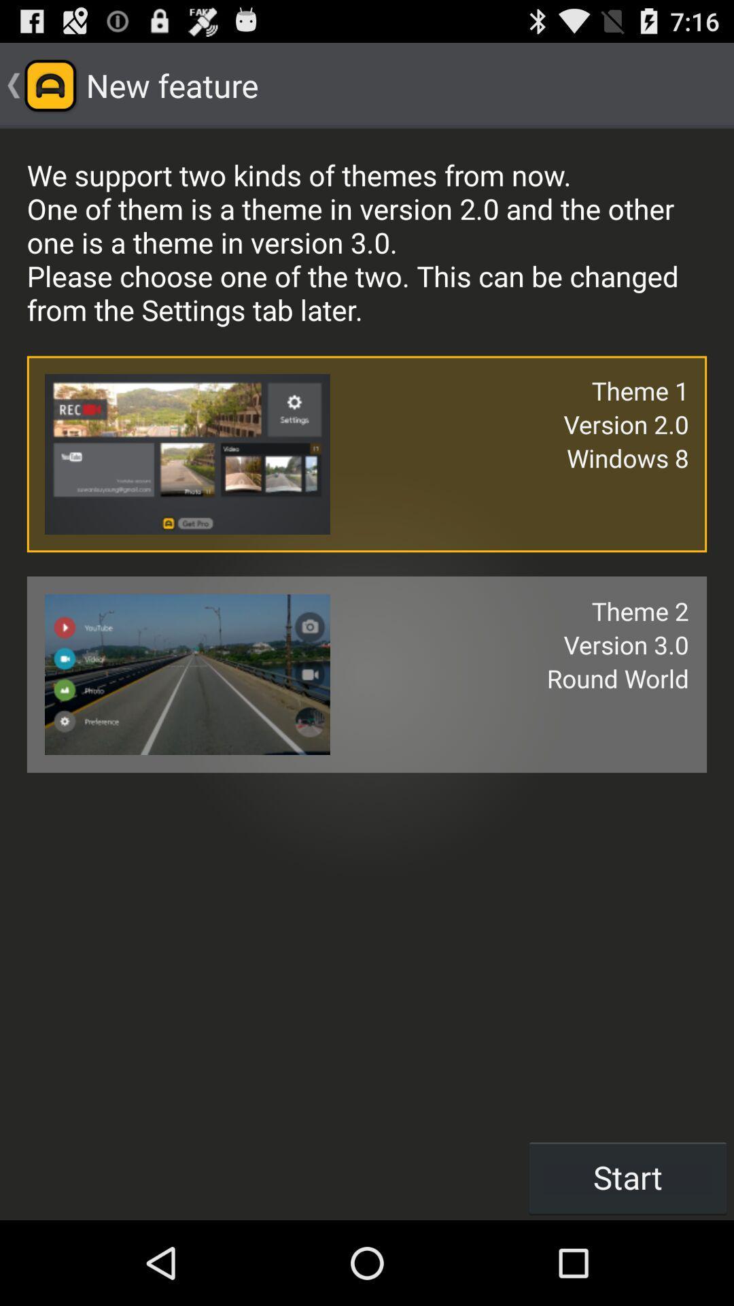  What do you see at coordinates (628, 1177) in the screenshot?
I see `the start icon` at bounding box center [628, 1177].